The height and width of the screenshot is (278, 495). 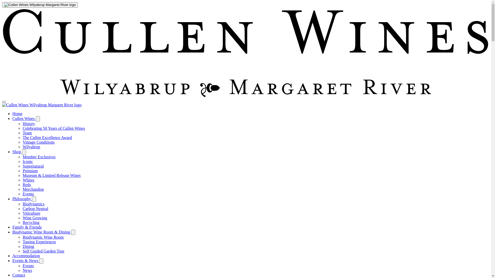 I want to click on 'Cullen Wines', so click(x=24, y=118).